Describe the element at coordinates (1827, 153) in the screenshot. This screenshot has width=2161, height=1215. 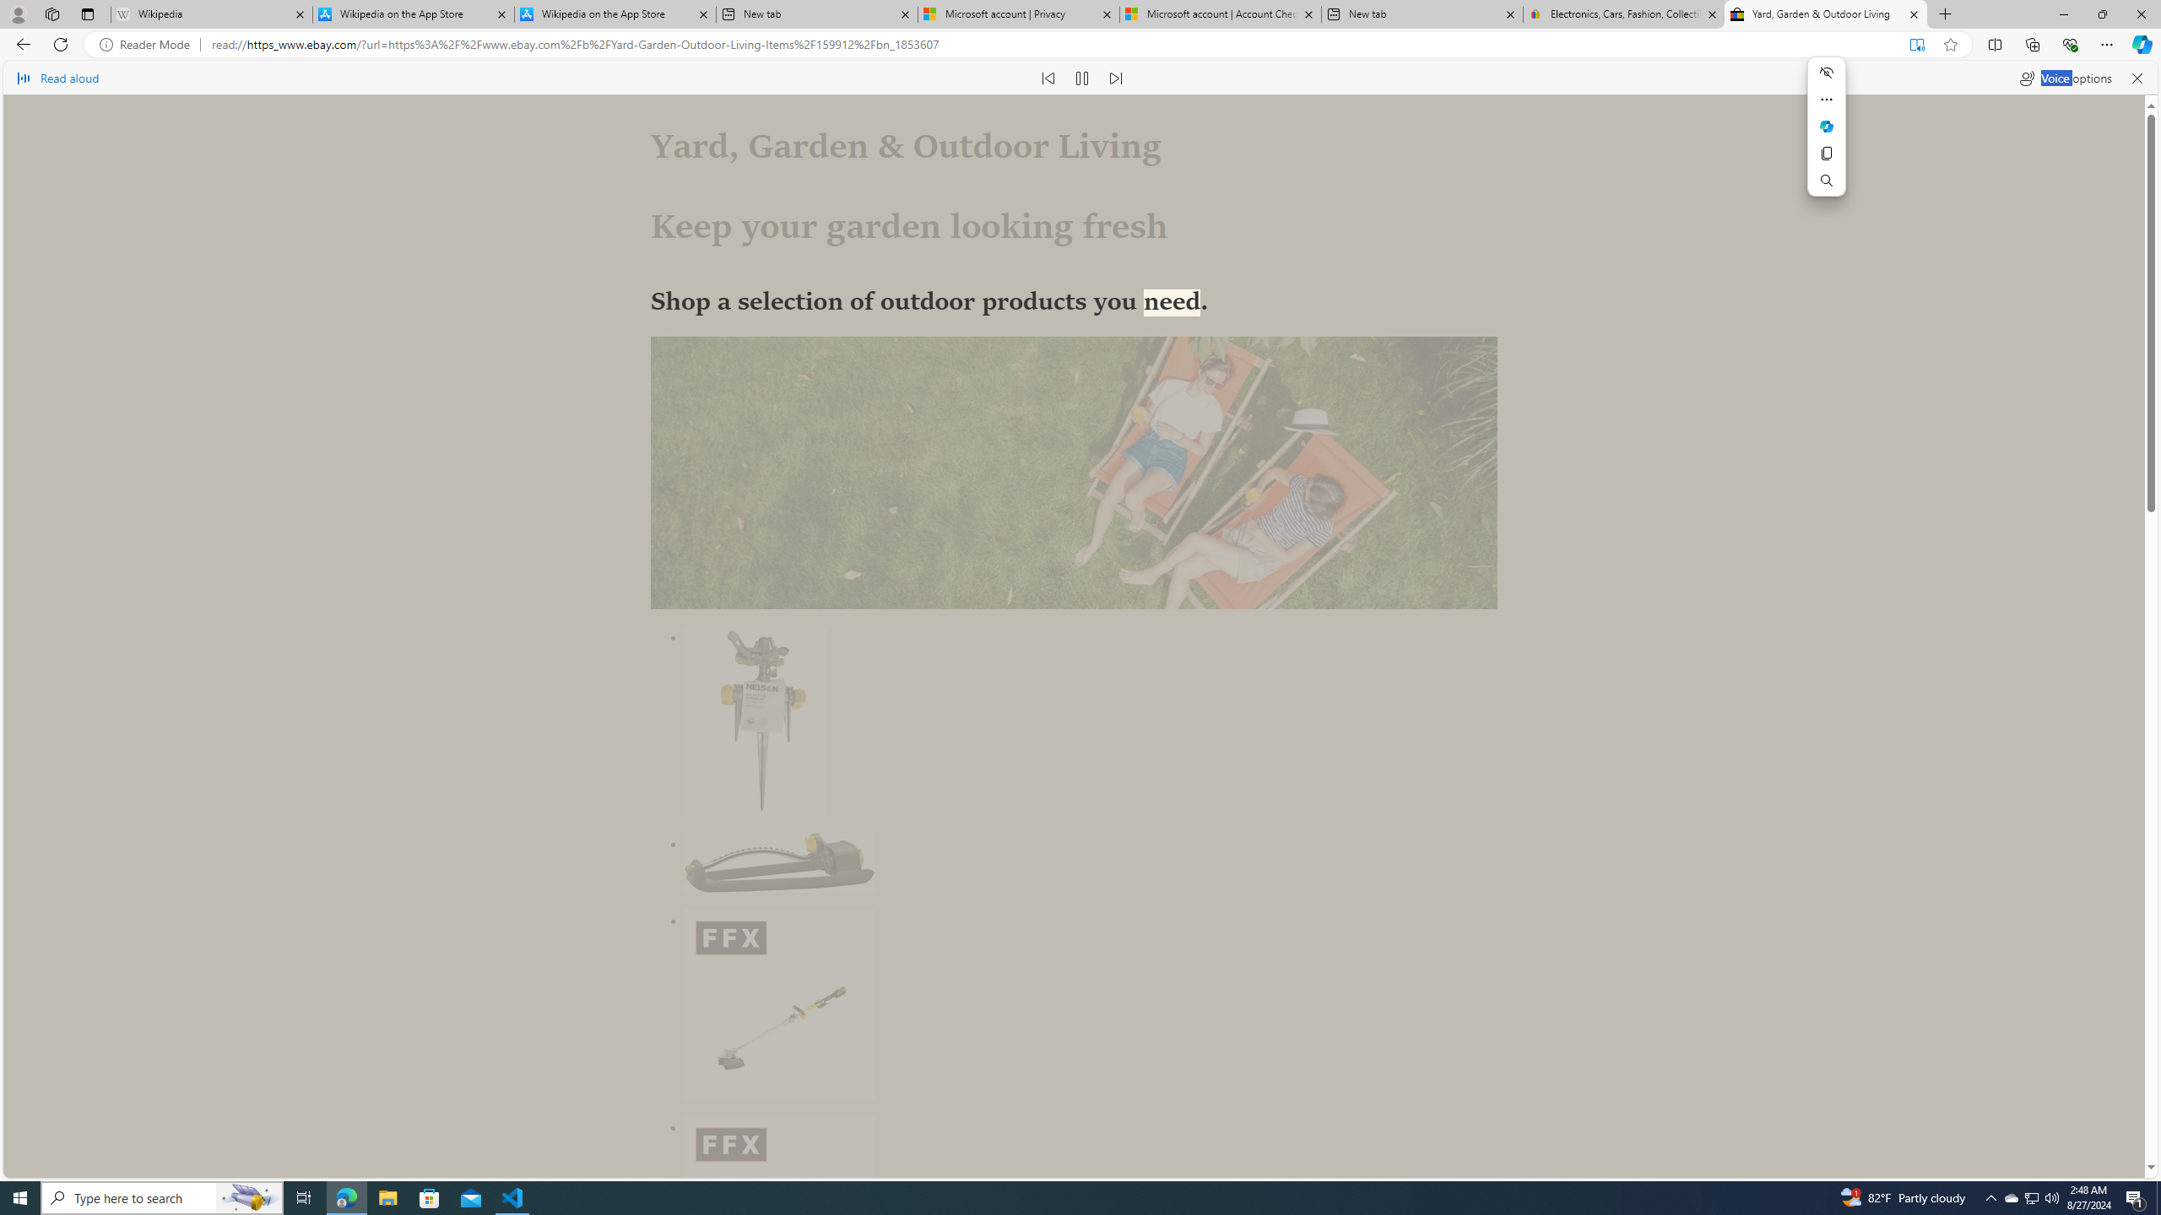
I see `'Copy'` at that location.